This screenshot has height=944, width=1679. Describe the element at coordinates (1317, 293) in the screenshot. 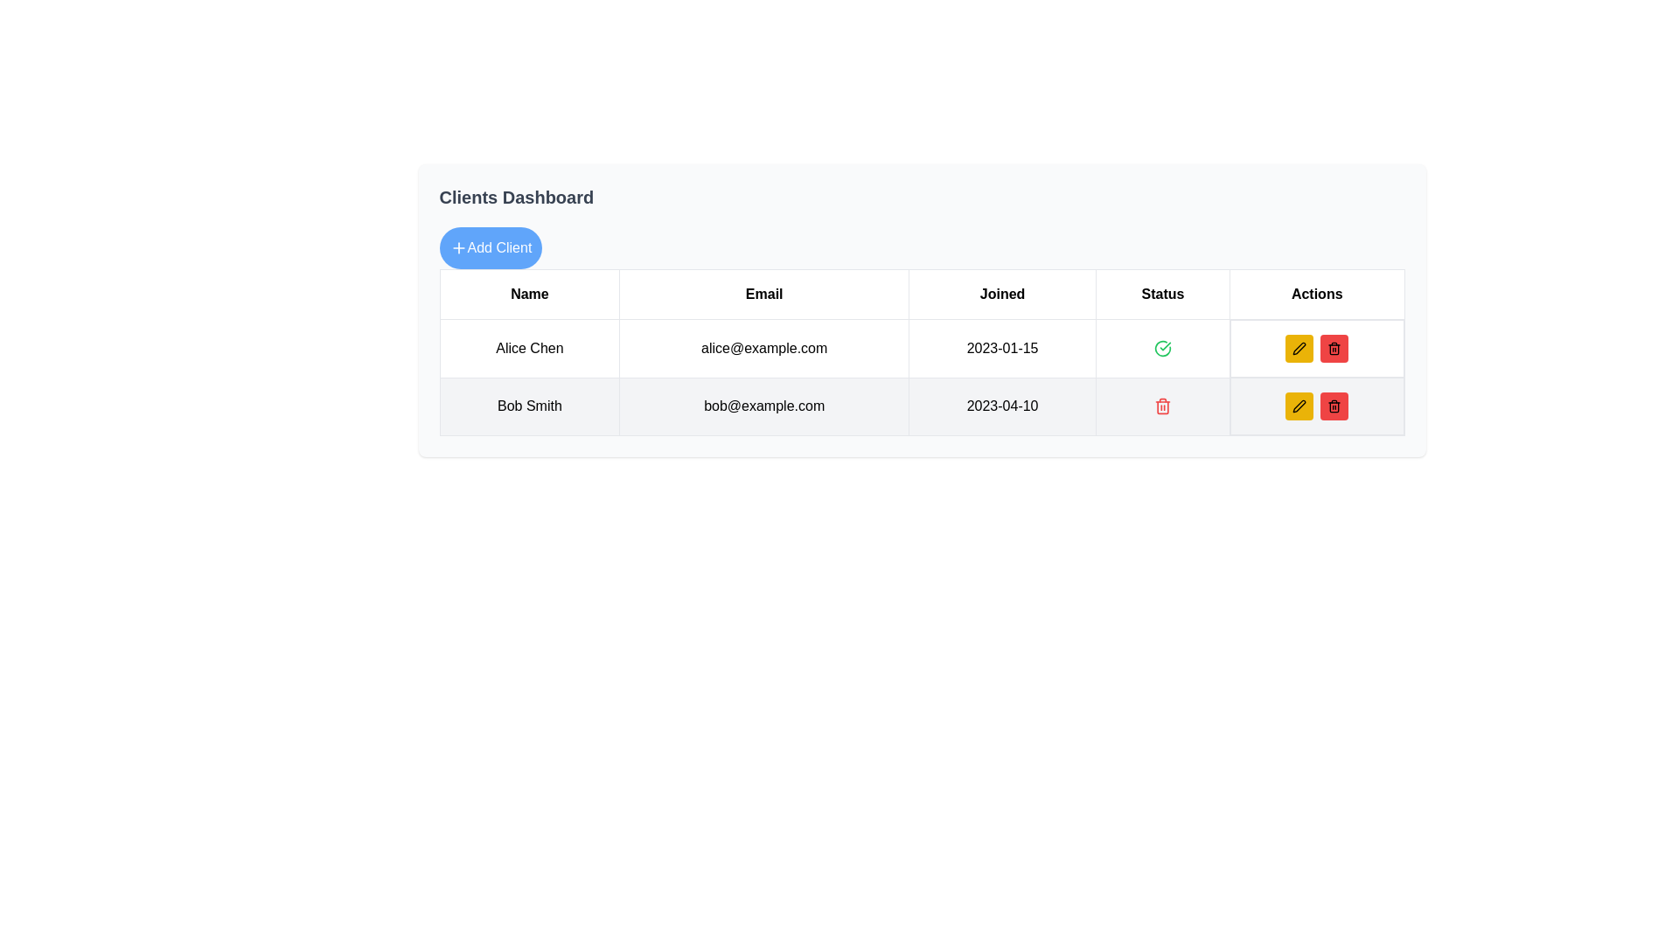

I see `the fifth column header cell in the table, which indicates 'Actions' for interacting with each record` at that location.